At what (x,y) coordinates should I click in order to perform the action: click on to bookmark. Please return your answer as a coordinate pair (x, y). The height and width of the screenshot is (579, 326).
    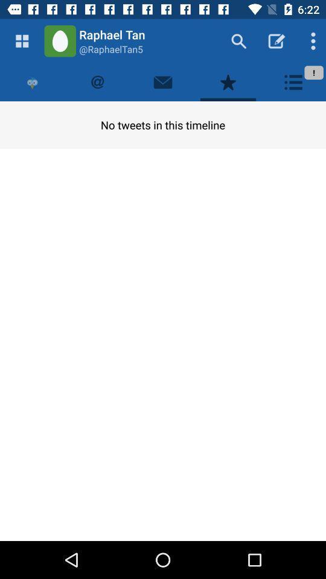
    Looking at the image, I should click on (228, 81).